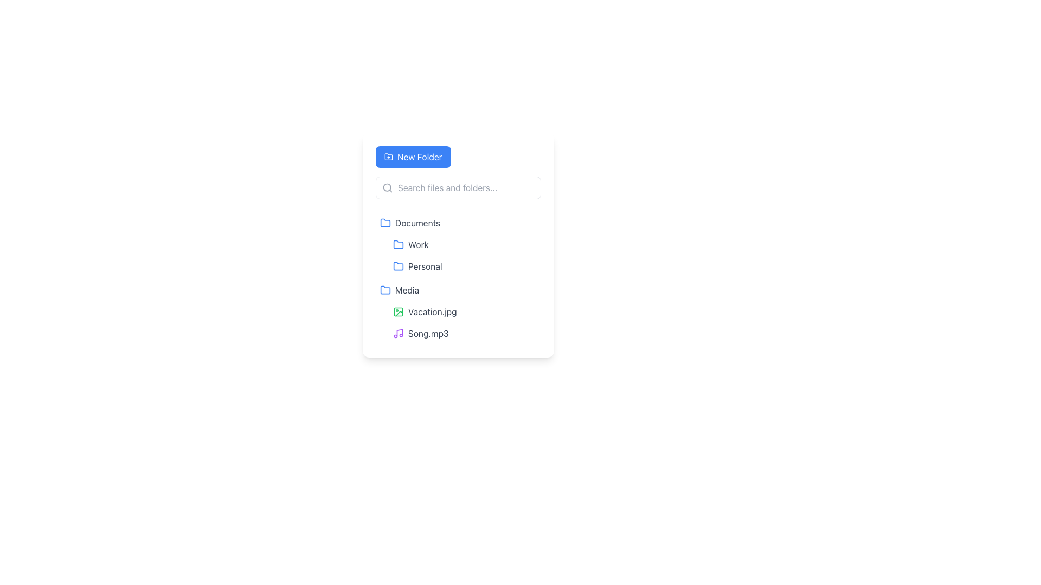 The width and height of the screenshot is (1041, 585). I want to click on the search icon, which is a circular magnifying glass with a handle, positioned within the search input field labeled 'Search files and folders...', located at the center left of the input field, so click(388, 187).